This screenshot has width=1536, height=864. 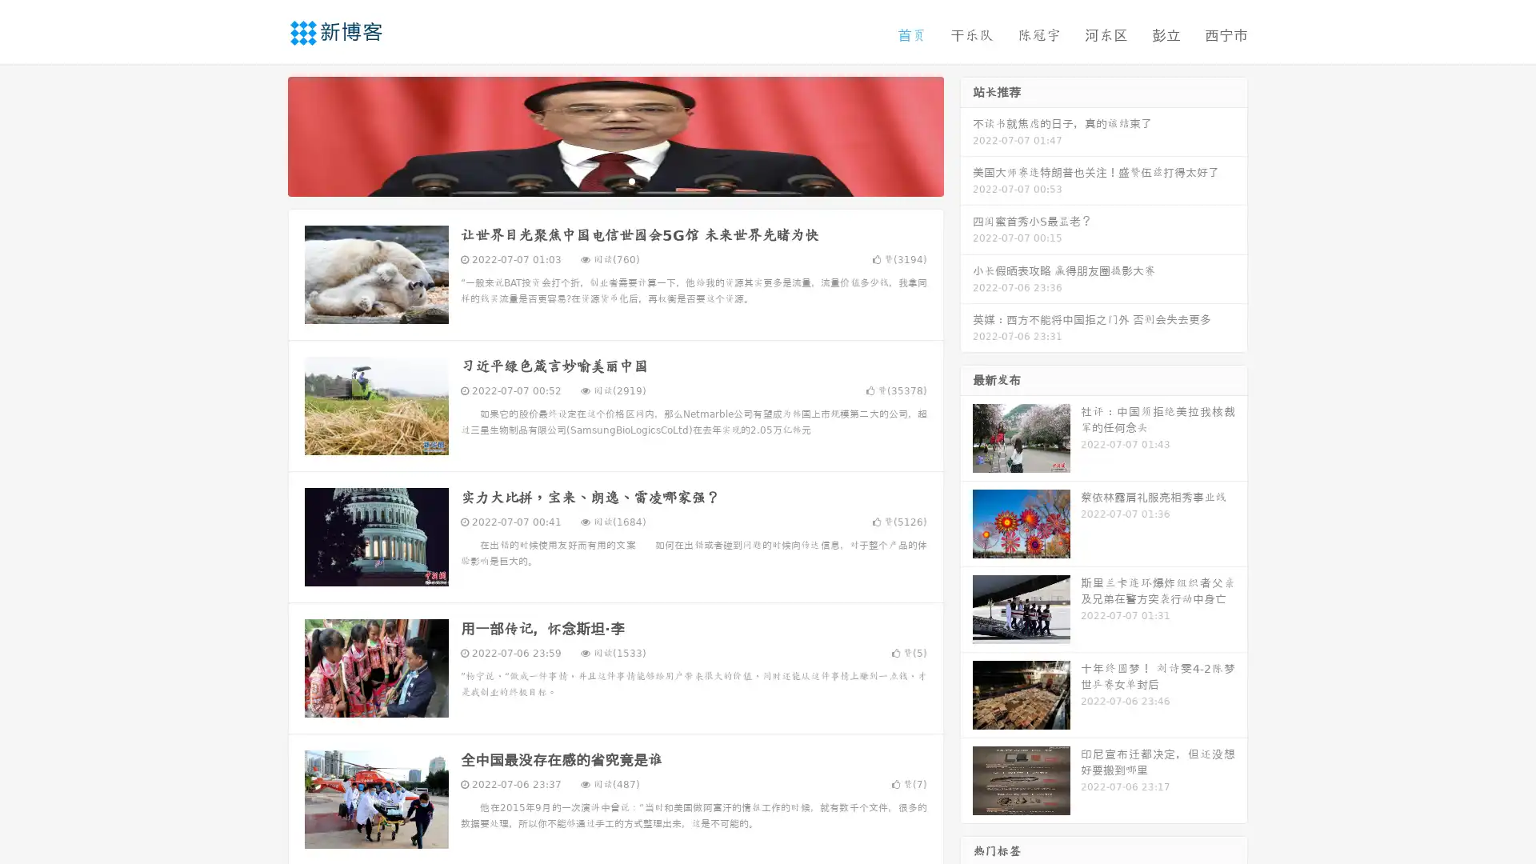 What do you see at coordinates (614, 180) in the screenshot?
I see `Go to slide 2` at bounding box center [614, 180].